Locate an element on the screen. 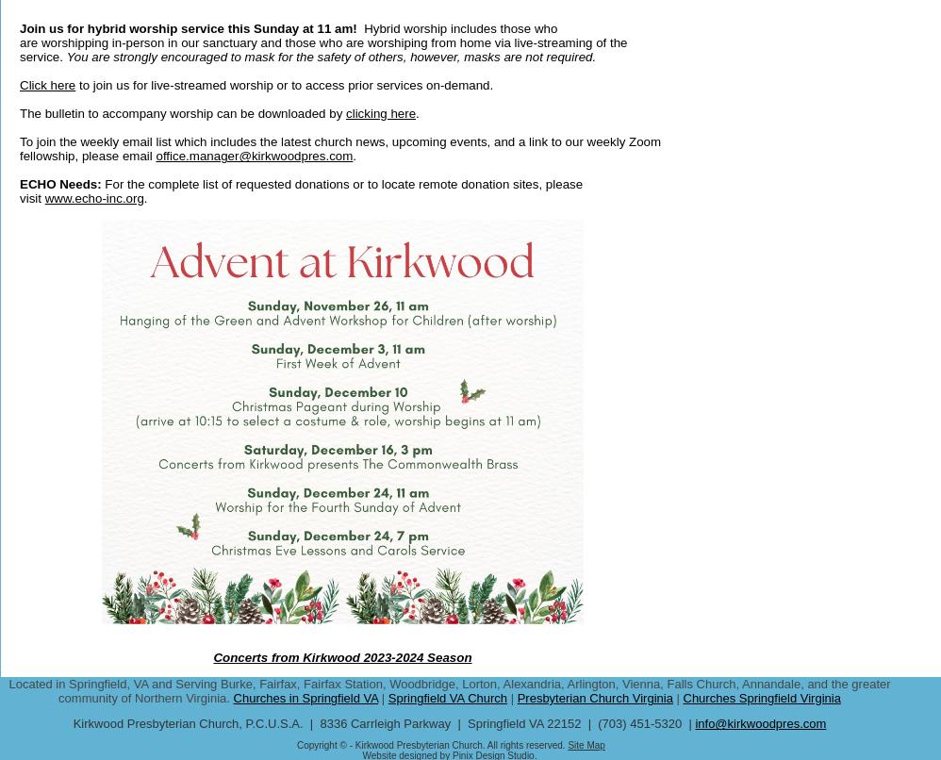 Image resolution: width=941 pixels, height=760 pixels. 'Kirkwood Presbyterian Church, P.C.U.S.A.  |  8336 Carrleigh Parkway  |  Springfield VA 22152  |  (703) 451-5320  |' is located at coordinates (72, 722).